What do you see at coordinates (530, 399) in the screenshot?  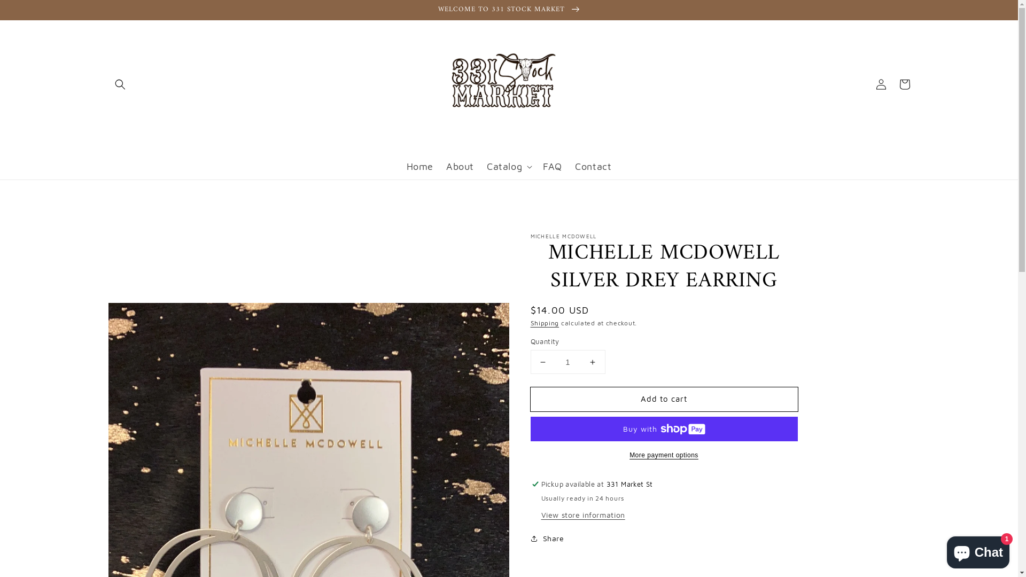 I see `'Add to cart'` at bounding box center [530, 399].